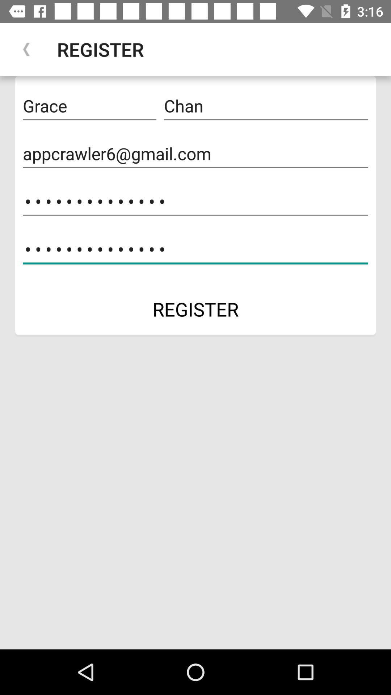 Image resolution: width=391 pixels, height=695 pixels. I want to click on icon next to chan item, so click(89, 106).